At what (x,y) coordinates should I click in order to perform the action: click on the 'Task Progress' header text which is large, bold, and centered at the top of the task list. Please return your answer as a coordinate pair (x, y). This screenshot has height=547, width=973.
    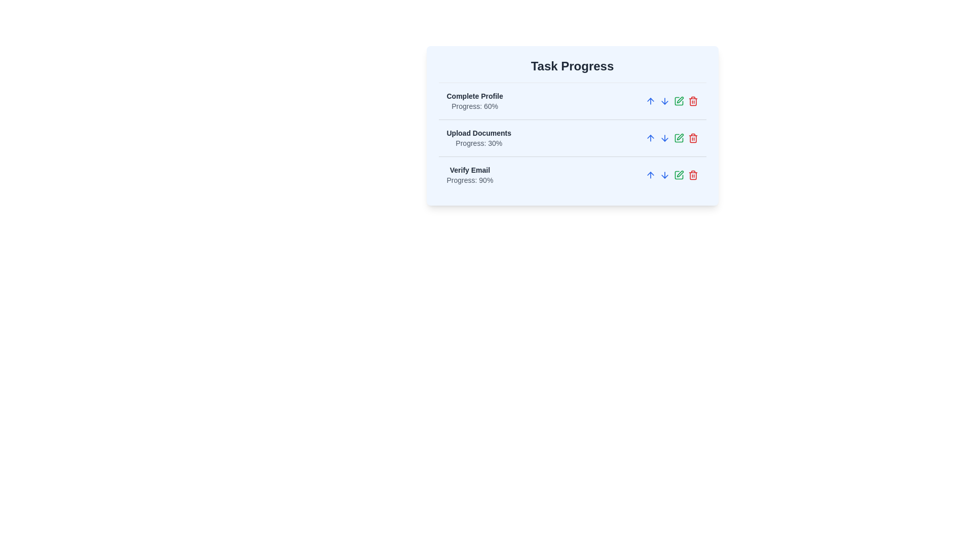
    Looking at the image, I should click on (572, 66).